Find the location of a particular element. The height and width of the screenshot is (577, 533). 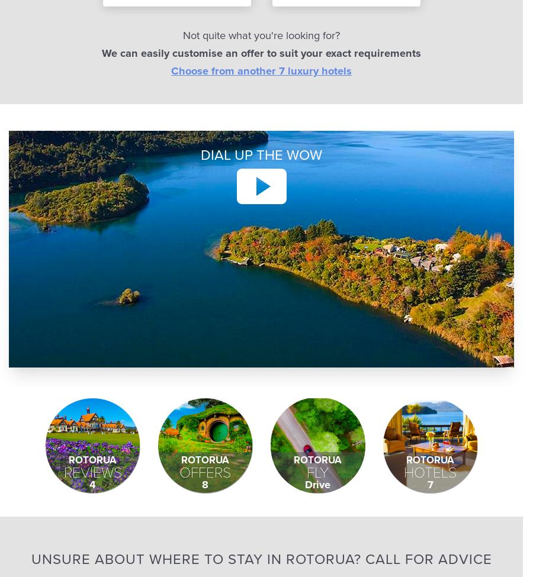

'Travel Vouchers' is located at coordinates (261, 8).